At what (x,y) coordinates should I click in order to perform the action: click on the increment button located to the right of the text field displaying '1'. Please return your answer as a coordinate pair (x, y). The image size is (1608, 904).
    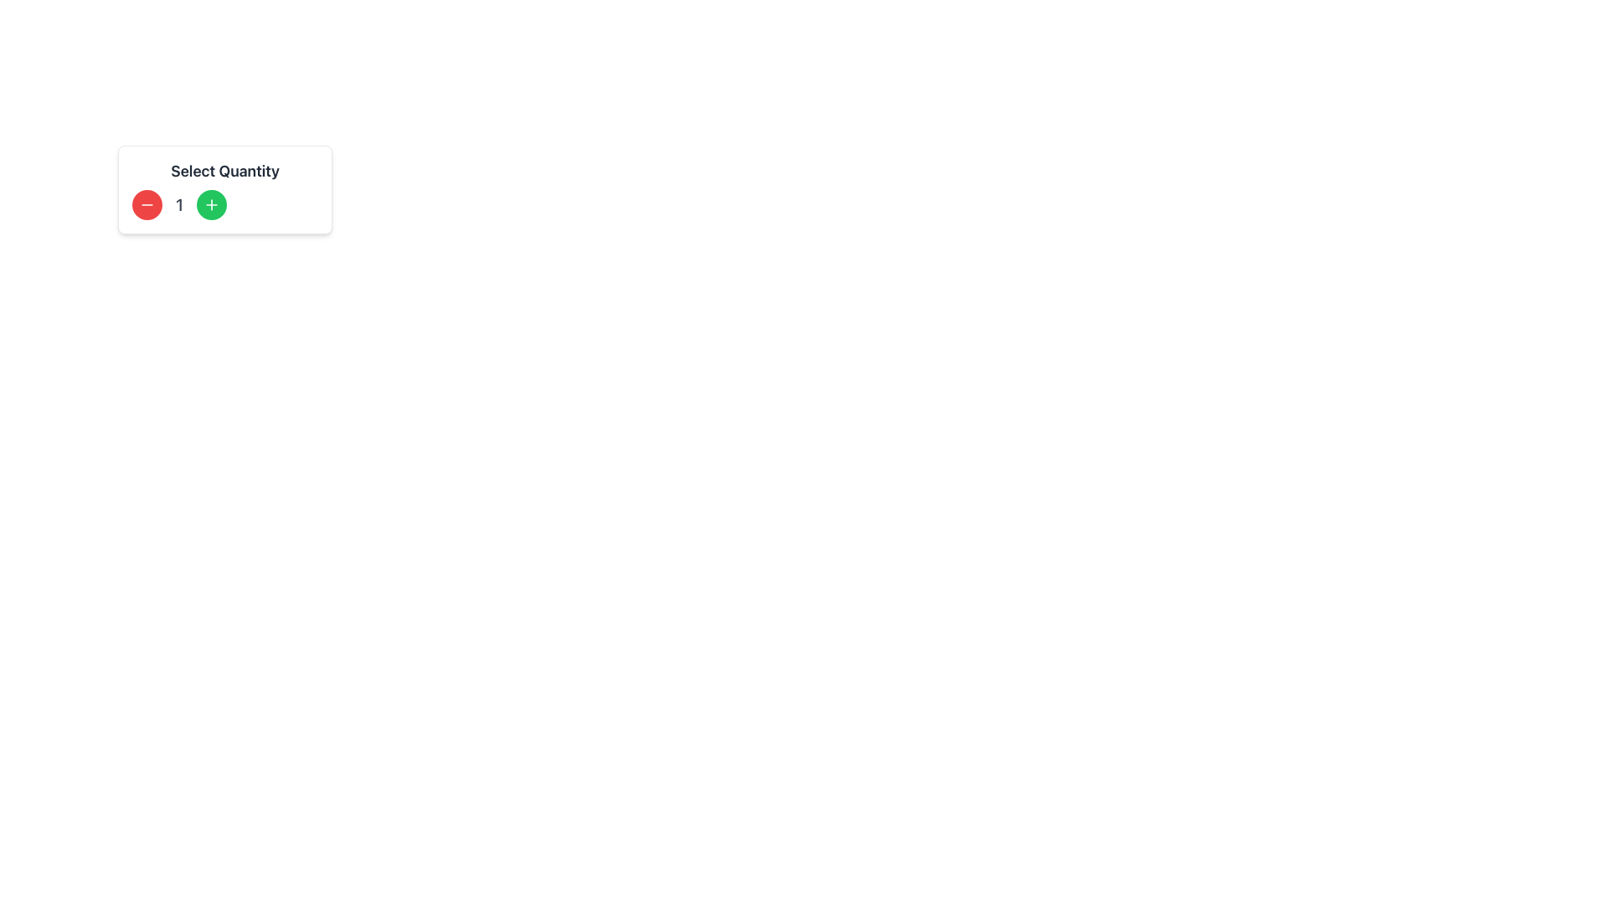
    Looking at the image, I should click on (224, 204).